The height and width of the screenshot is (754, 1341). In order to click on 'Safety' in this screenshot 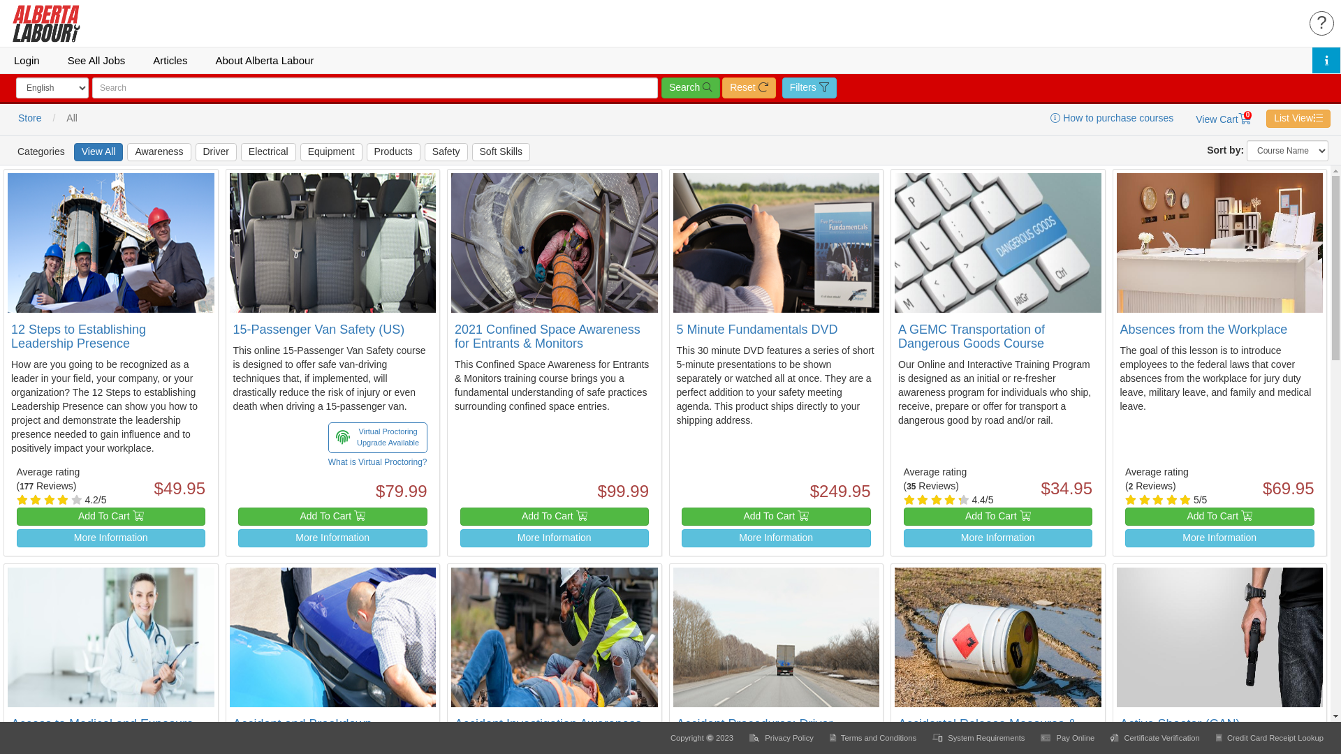, I will do `click(445, 152)`.